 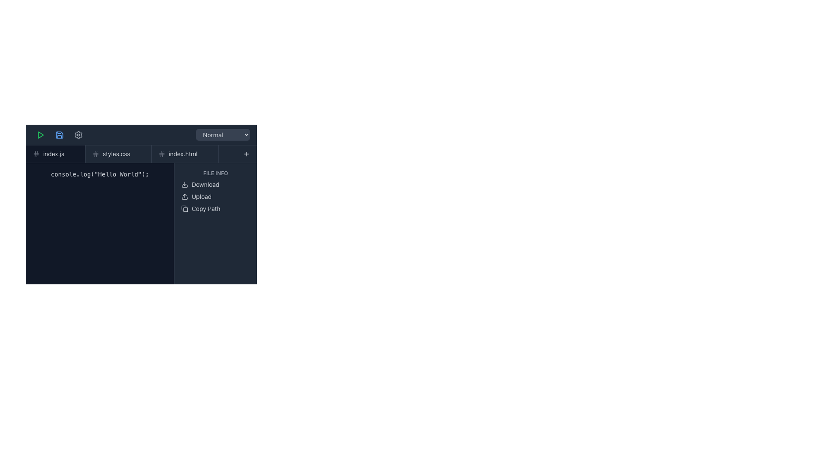 What do you see at coordinates (215, 184) in the screenshot?
I see `the 'Download' button located in the right sidebar, which features a download icon and white text on a dark theme` at bounding box center [215, 184].